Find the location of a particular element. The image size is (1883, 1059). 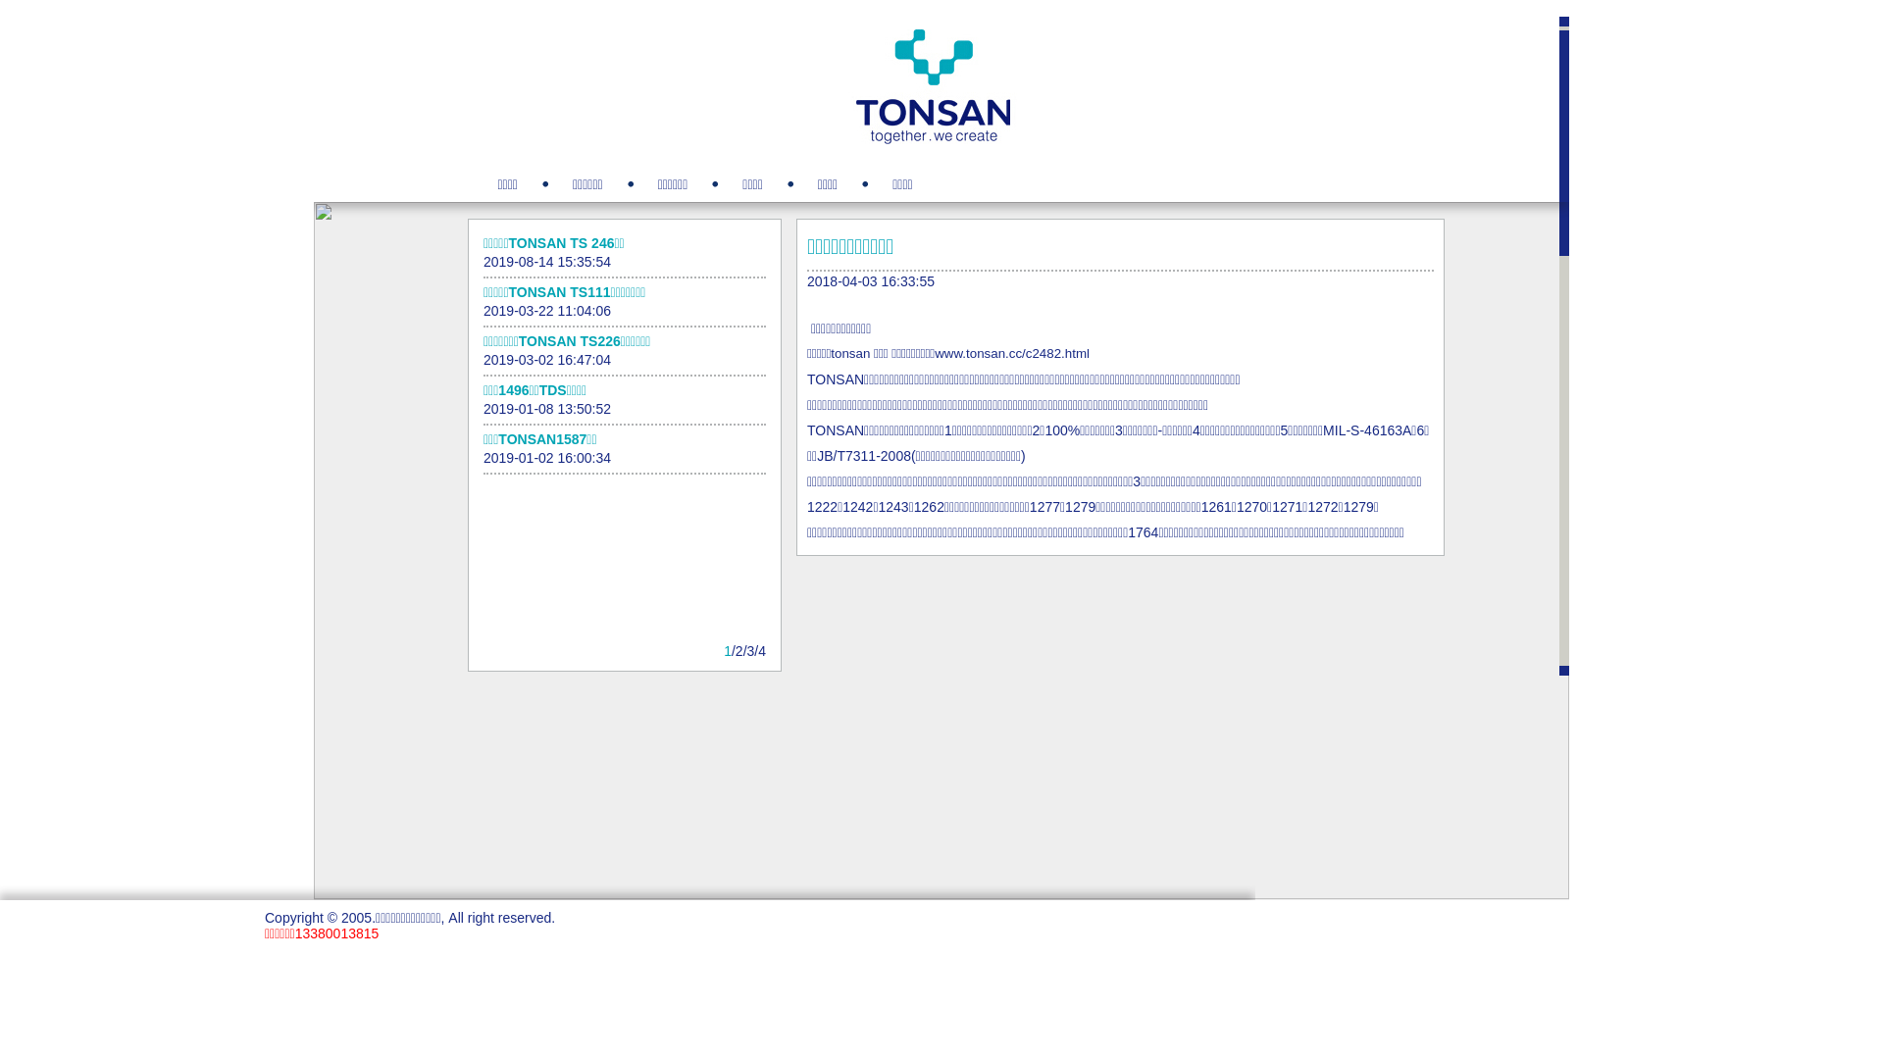

'3' is located at coordinates (750, 650).